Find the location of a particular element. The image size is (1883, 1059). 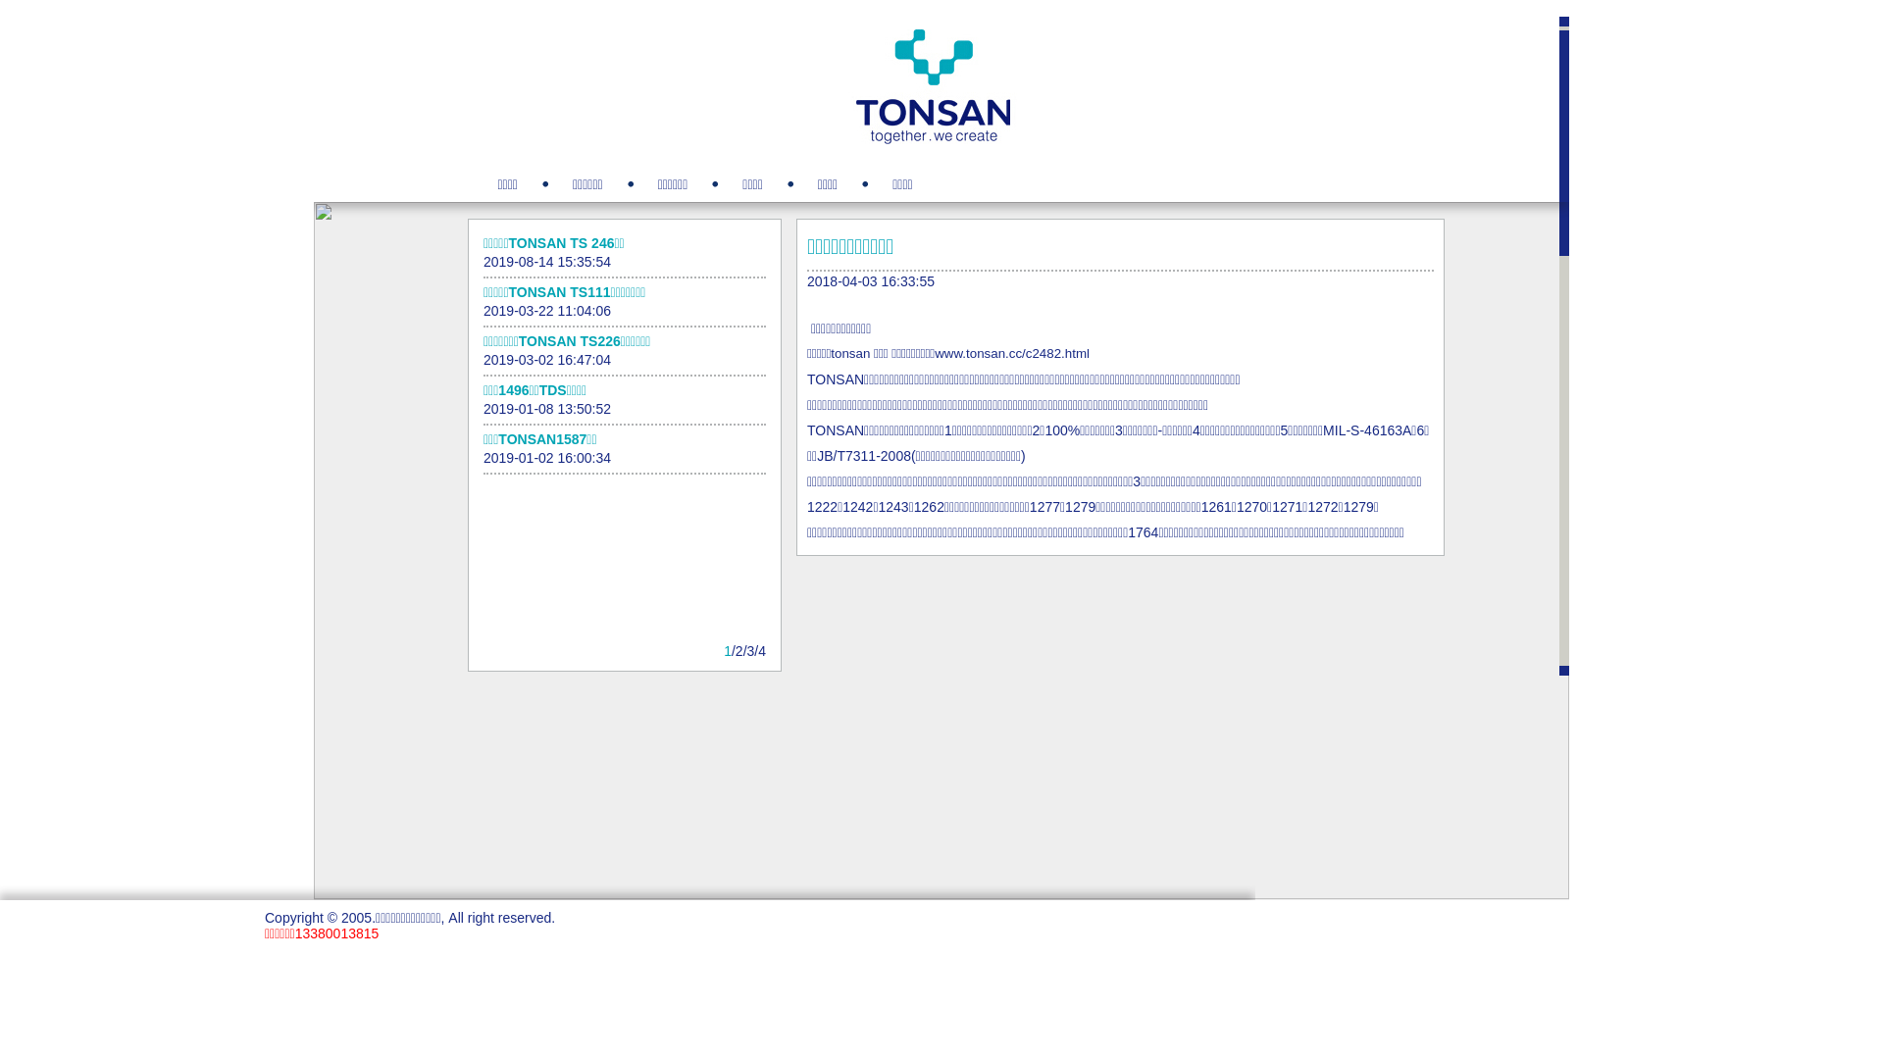

'3' is located at coordinates (750, 650).